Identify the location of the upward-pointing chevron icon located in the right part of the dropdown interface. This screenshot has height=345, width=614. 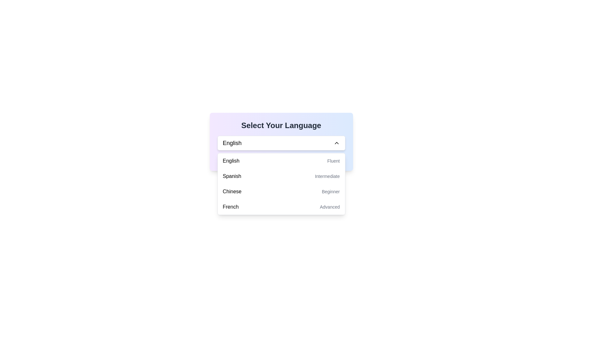
(336, 142).